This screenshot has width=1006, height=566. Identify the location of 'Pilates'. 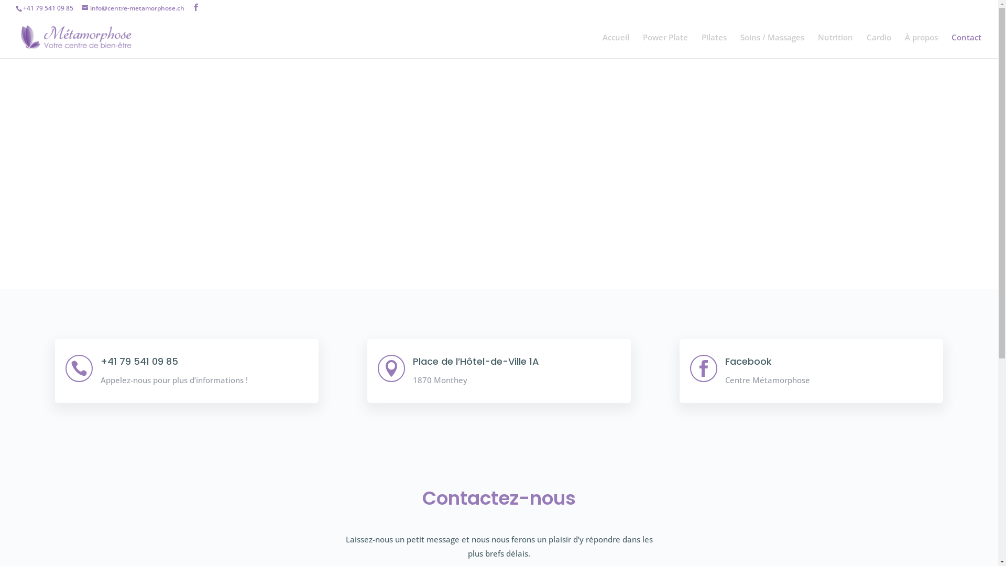
(714, 45).